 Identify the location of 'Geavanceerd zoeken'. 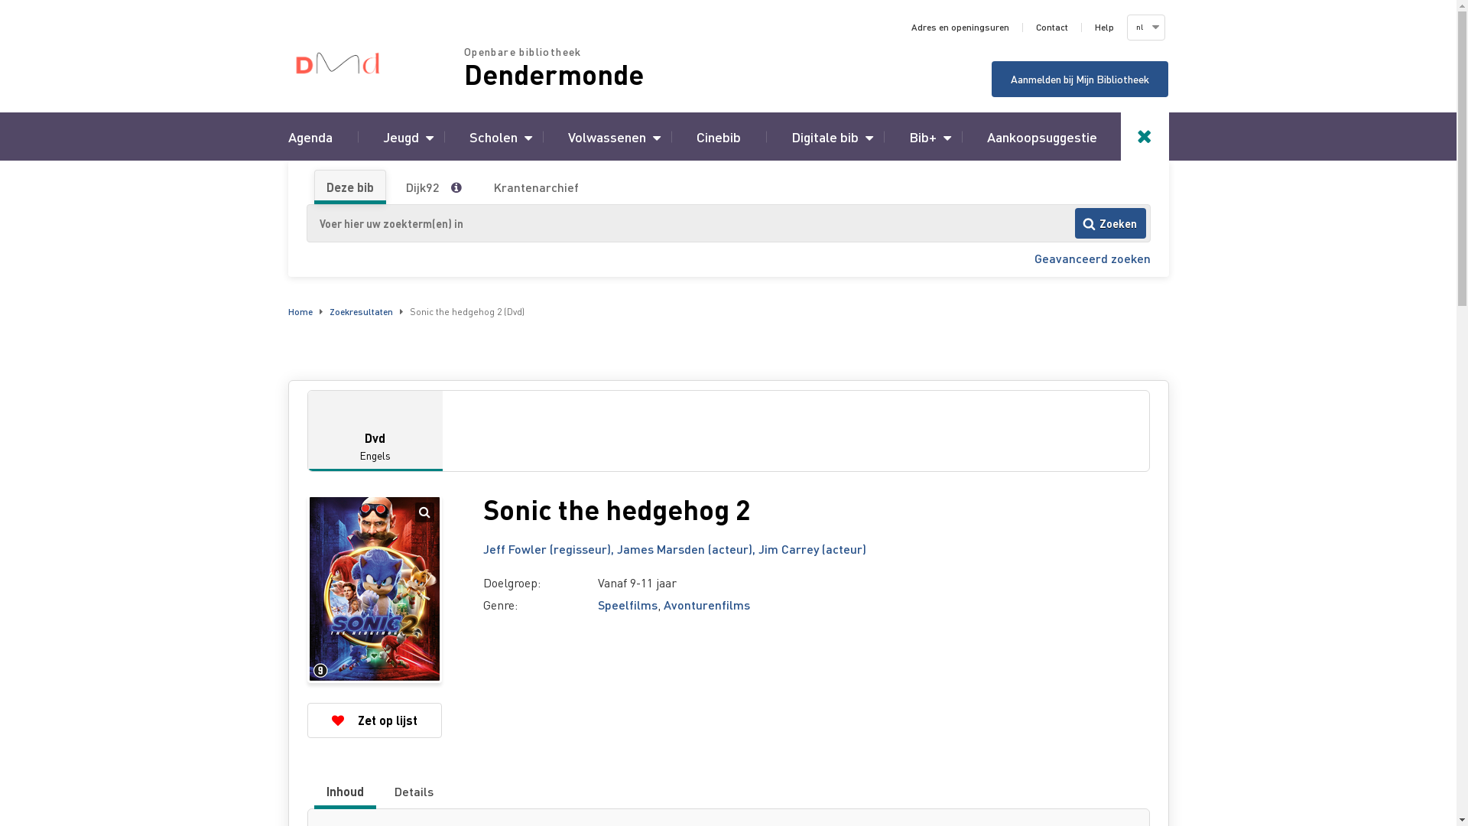
(1091, 257).